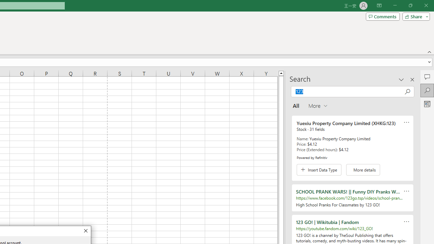 This screenshot has width=434, height=244. Describe the element at coordinates (410, 5) in the screenshot. I see `'Restore Down'` at that location.